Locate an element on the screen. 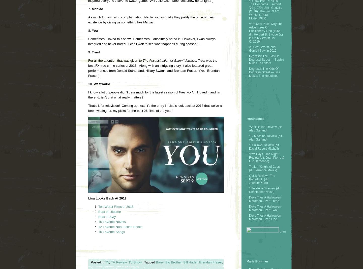  'Barry' is located at coordinates (159, 262).